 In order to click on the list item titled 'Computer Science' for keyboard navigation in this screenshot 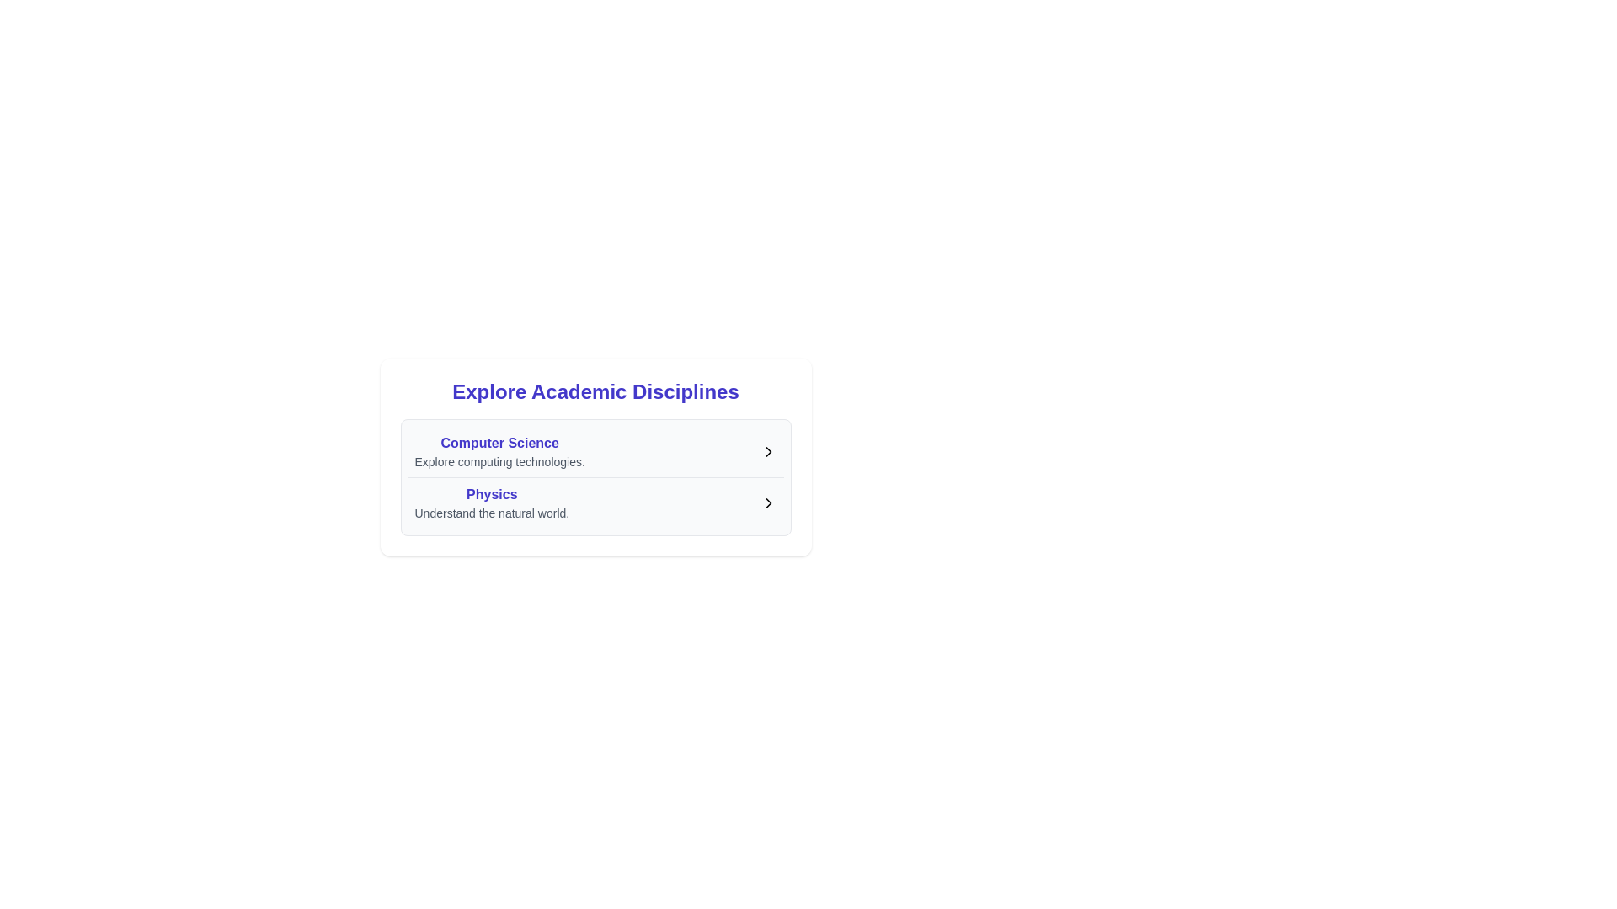, I will do `click(595, 450)`.